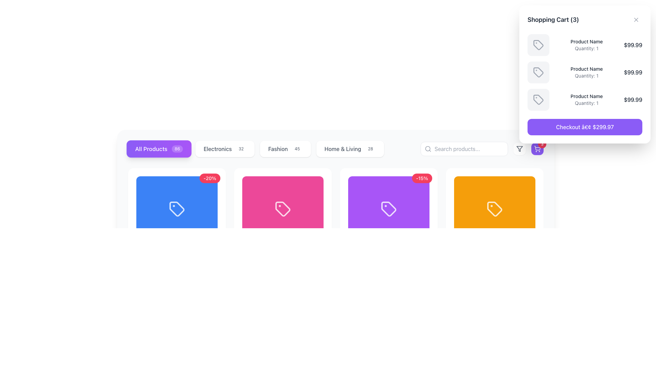 This screenshot has height=369, width=656. I want to click on the shopping cart icon located in the top-right corner of the interface, which is situated within a purple button with rounded corners, so click(537, 148).